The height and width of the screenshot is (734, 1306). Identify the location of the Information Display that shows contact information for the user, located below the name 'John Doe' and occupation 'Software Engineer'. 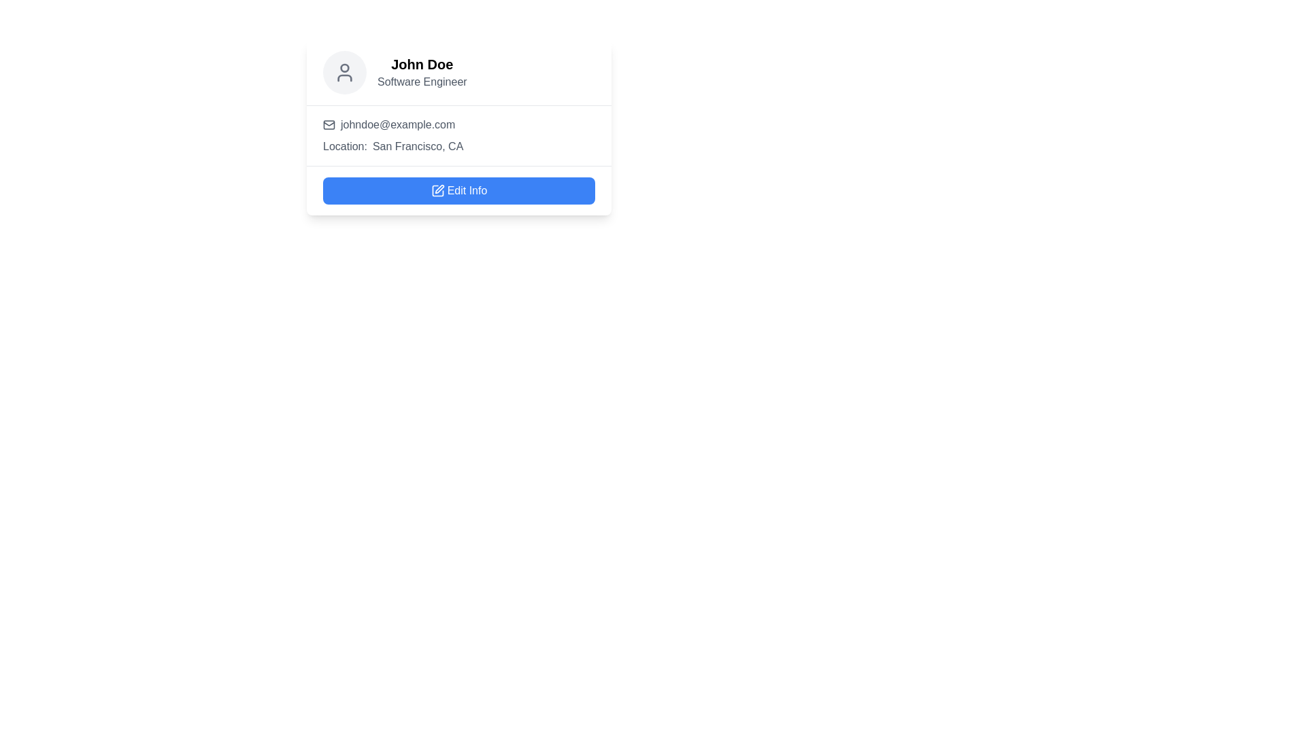
(459, 135).